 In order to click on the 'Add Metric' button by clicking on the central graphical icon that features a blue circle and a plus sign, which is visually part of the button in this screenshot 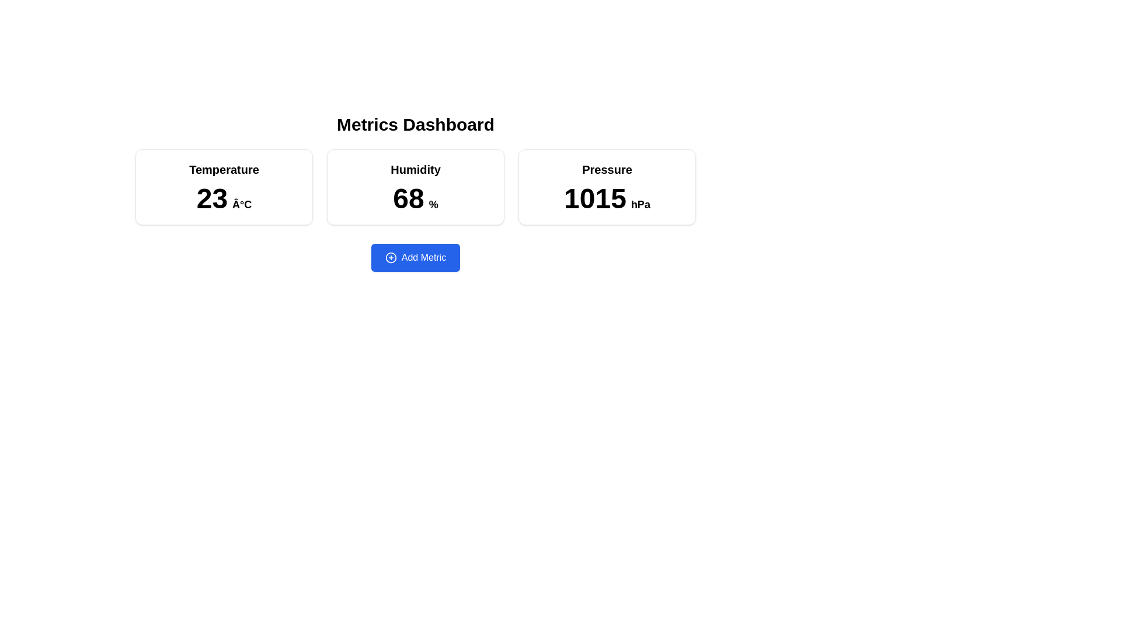, I will do `click(391, 257)`.